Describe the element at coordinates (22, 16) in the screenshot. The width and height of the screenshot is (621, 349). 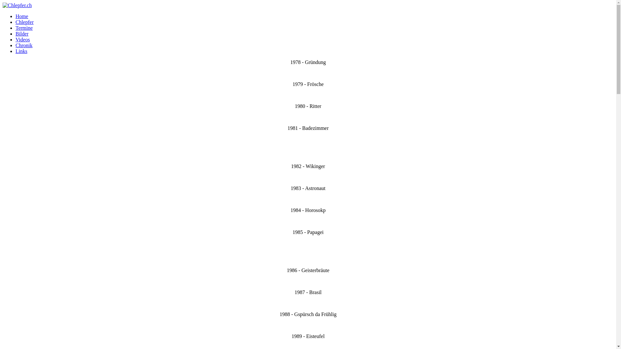
I see `'Home'` at that location.